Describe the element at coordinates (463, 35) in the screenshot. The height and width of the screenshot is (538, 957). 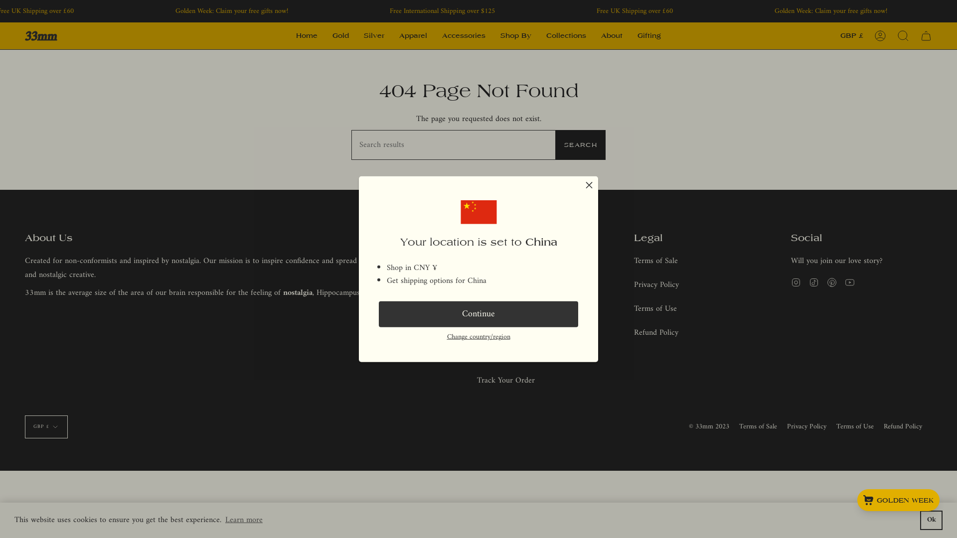
I see `'Accessories'` at that location.